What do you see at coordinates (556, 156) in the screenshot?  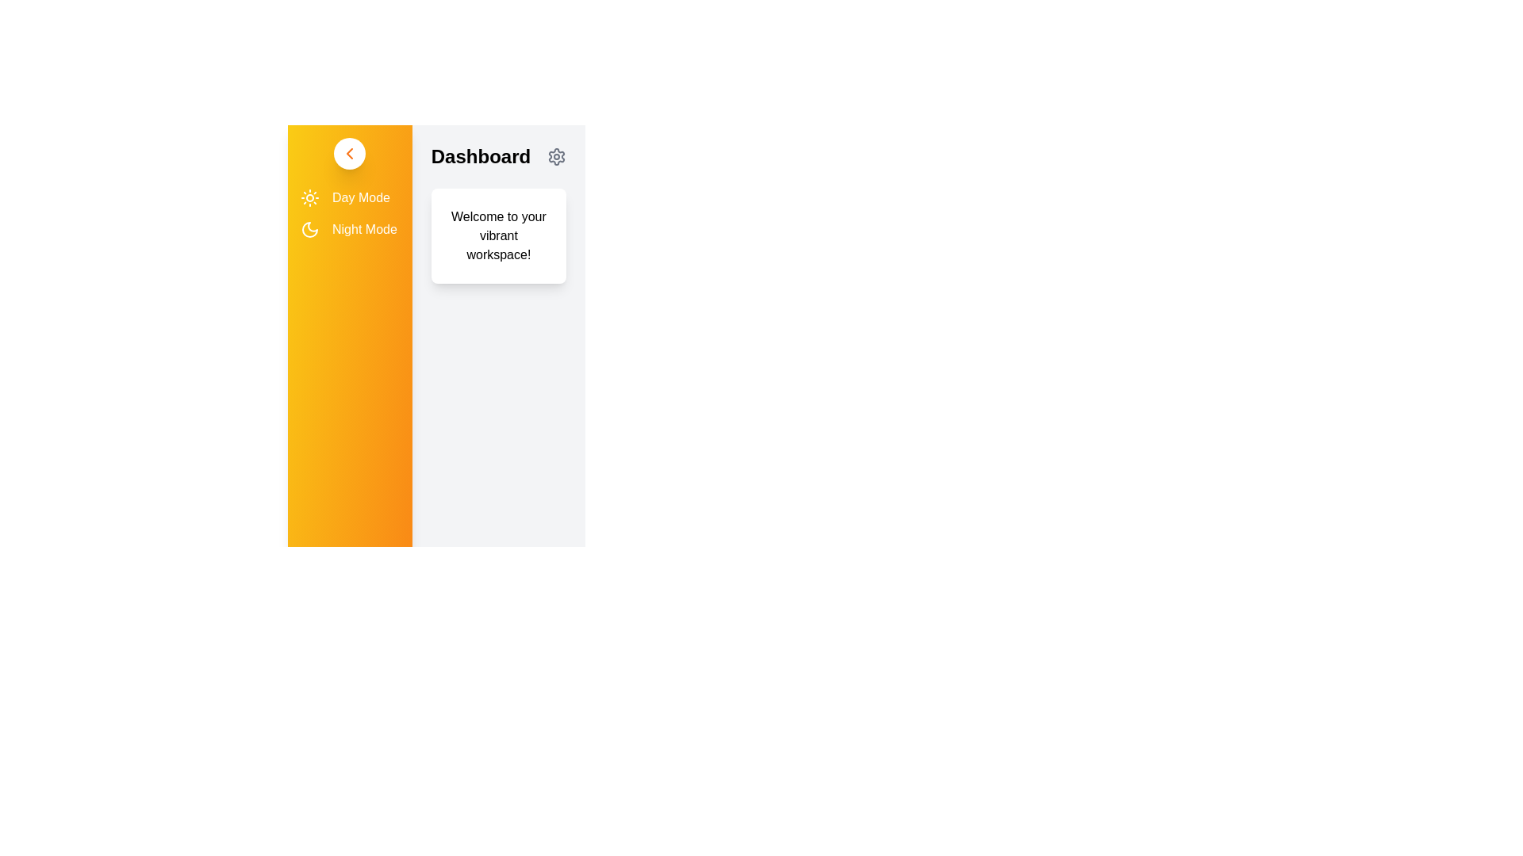 I see `the settings icon to observe the hover effect` at bounding box center [556, 156].